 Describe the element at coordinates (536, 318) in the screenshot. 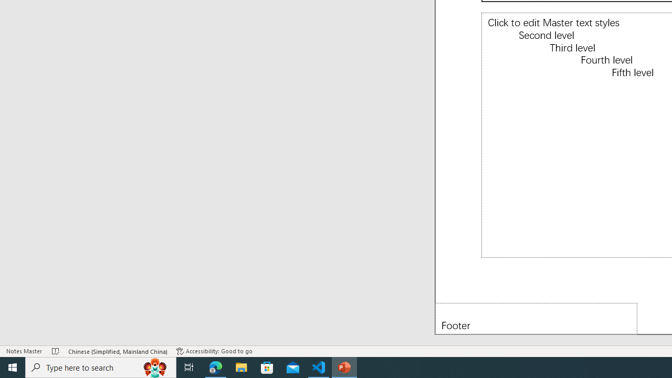

I see `'Footer'` at that location.